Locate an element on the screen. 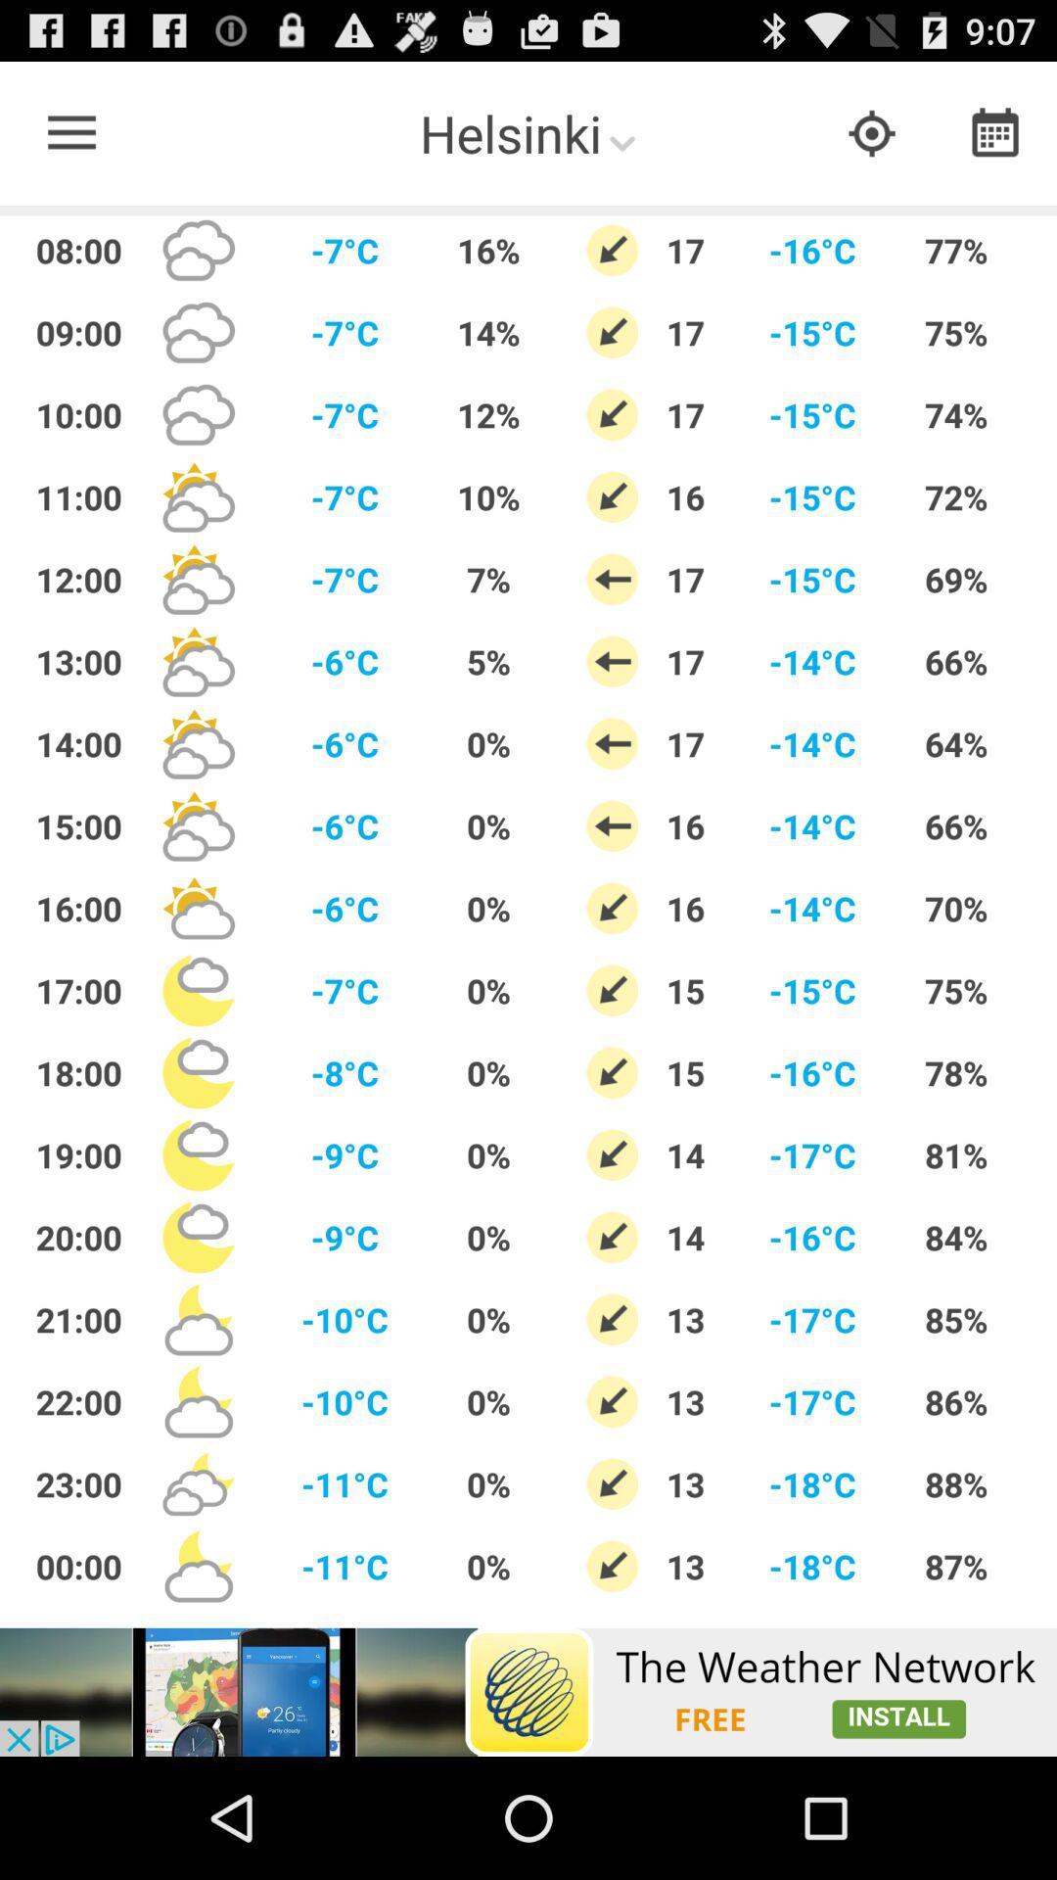 The width and height of the screenshot is (1057, 1880). advertisement promotion is located at coordinates (528, 1691).